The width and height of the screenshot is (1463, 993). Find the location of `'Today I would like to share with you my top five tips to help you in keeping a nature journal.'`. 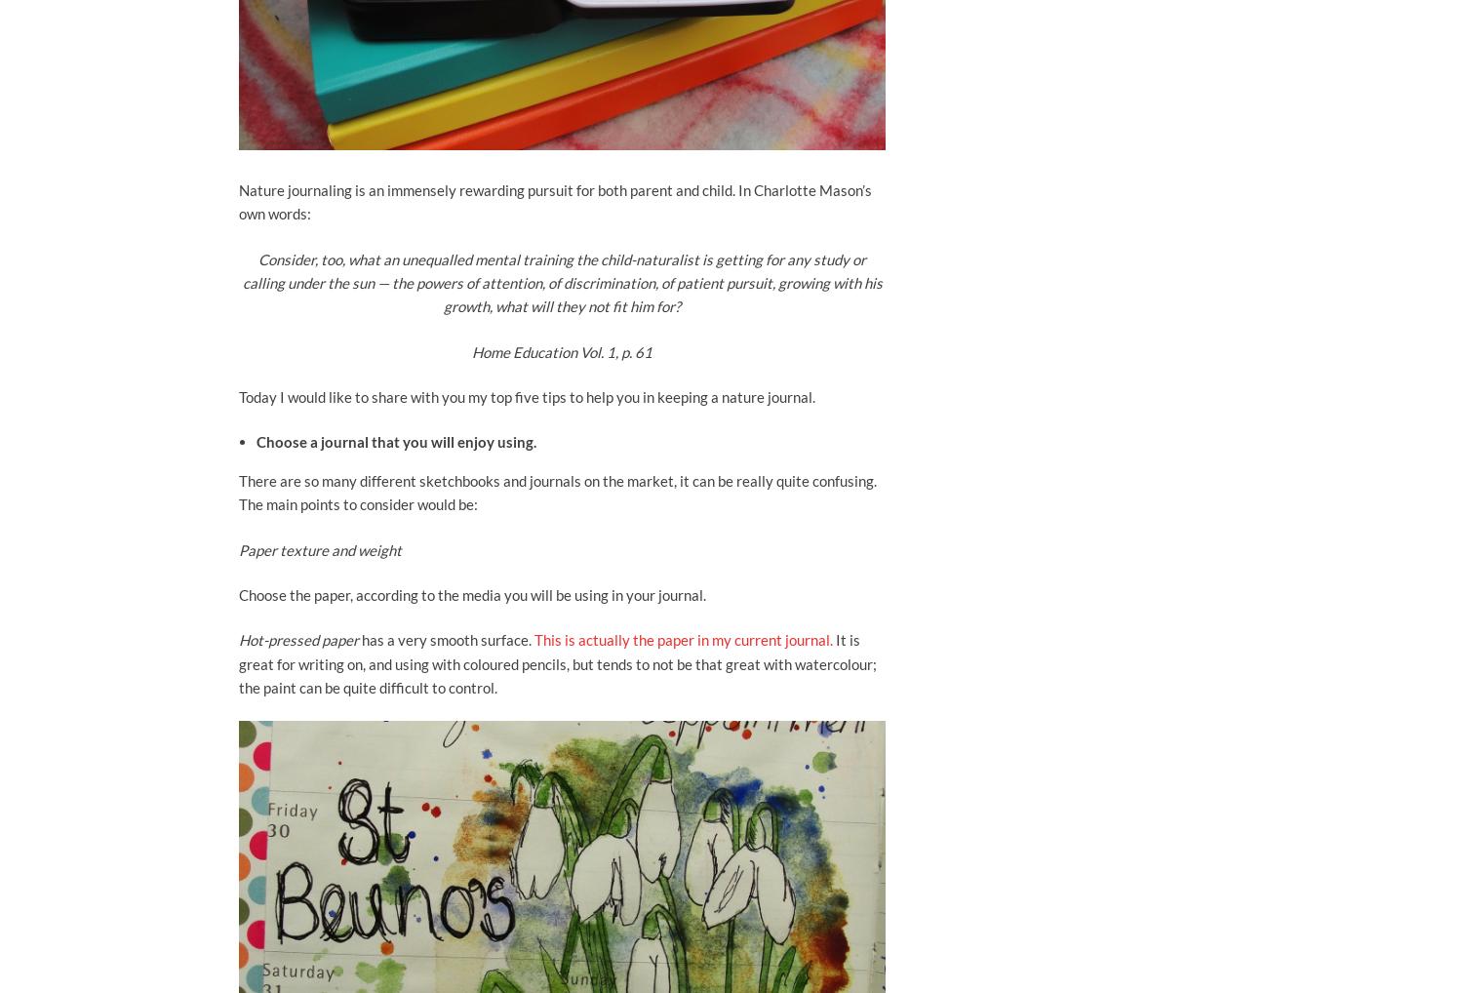

'Today I would like to share with you my top five tips to help you in keeping a nature journal.' is located at coordinates (527, 396).